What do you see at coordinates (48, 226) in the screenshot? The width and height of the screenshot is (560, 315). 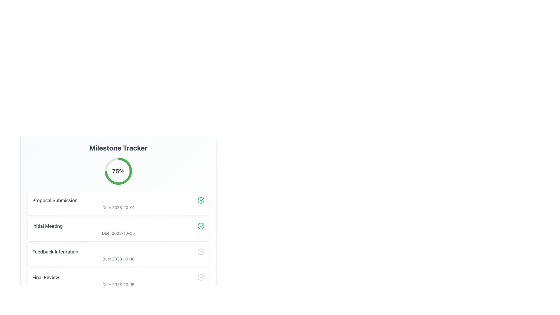 I see `the 'Initial Meeting' text label, which is part of the Milestone Tracker list and is located in the second row above 'Feedback Integration'` at bounding box center [48, 226].